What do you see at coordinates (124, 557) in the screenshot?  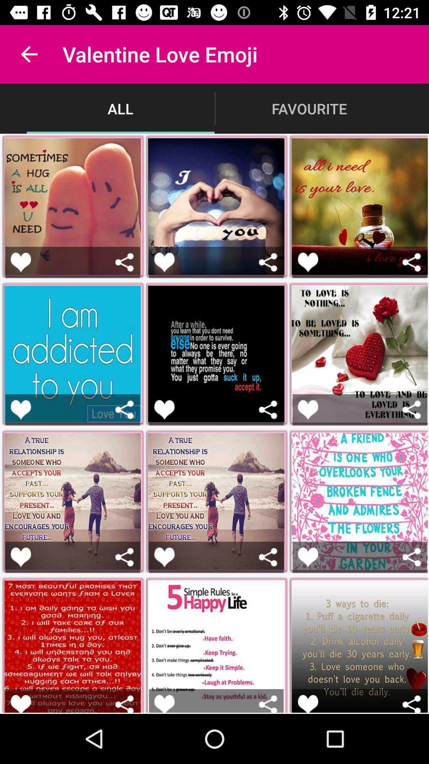 I see `share photo` at bounding box center [124, 557].